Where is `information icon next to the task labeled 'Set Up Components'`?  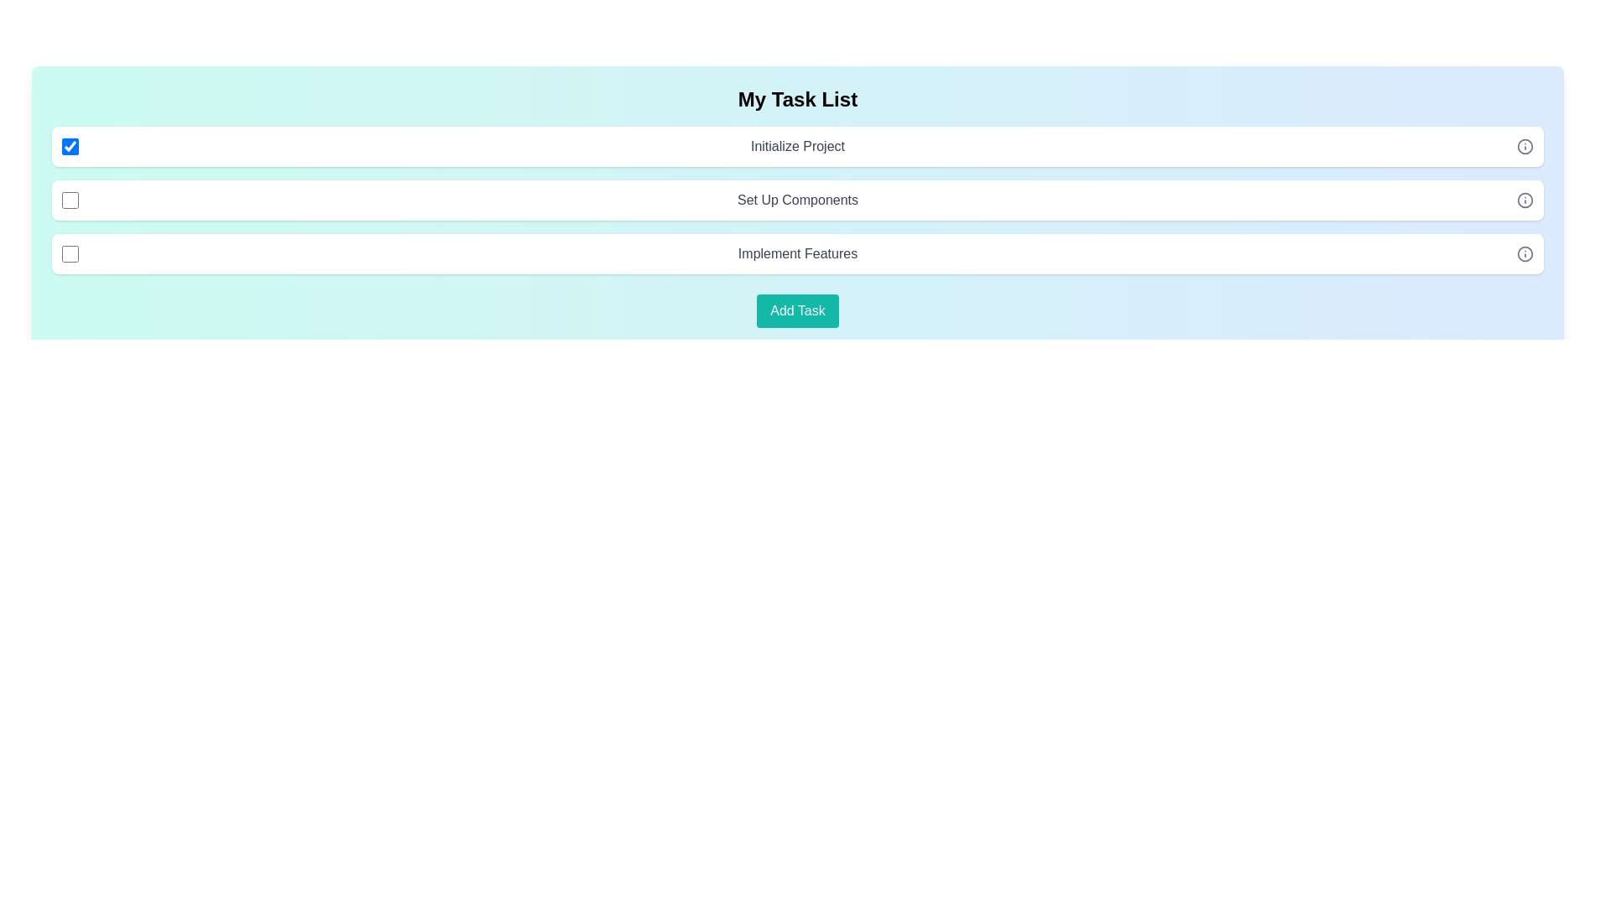
information icon next to the task labeled 'Set Up Components' is located at coordinates (1525, 200).